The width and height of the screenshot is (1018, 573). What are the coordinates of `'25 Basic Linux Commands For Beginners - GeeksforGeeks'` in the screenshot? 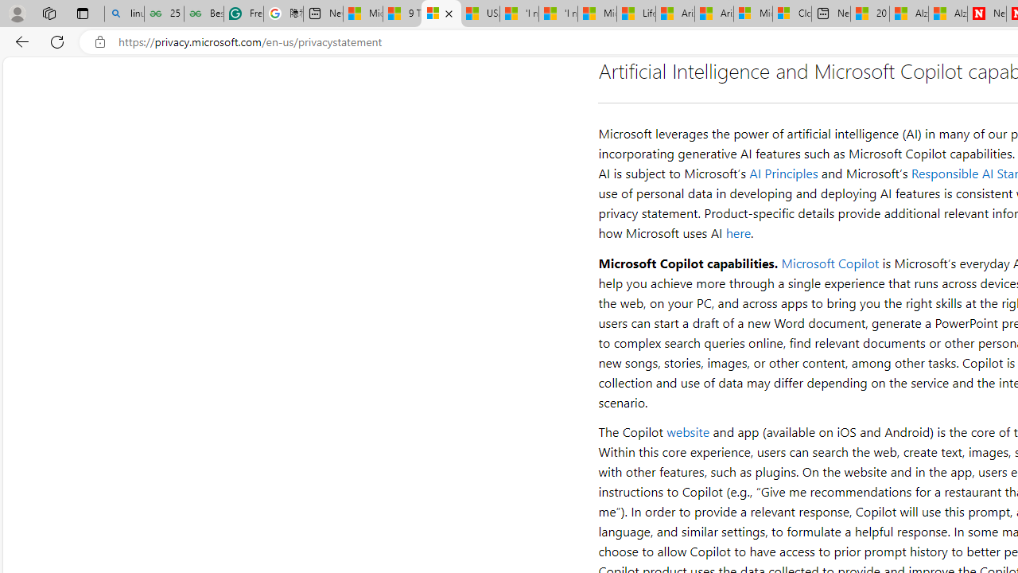 It's located at (164, 14).